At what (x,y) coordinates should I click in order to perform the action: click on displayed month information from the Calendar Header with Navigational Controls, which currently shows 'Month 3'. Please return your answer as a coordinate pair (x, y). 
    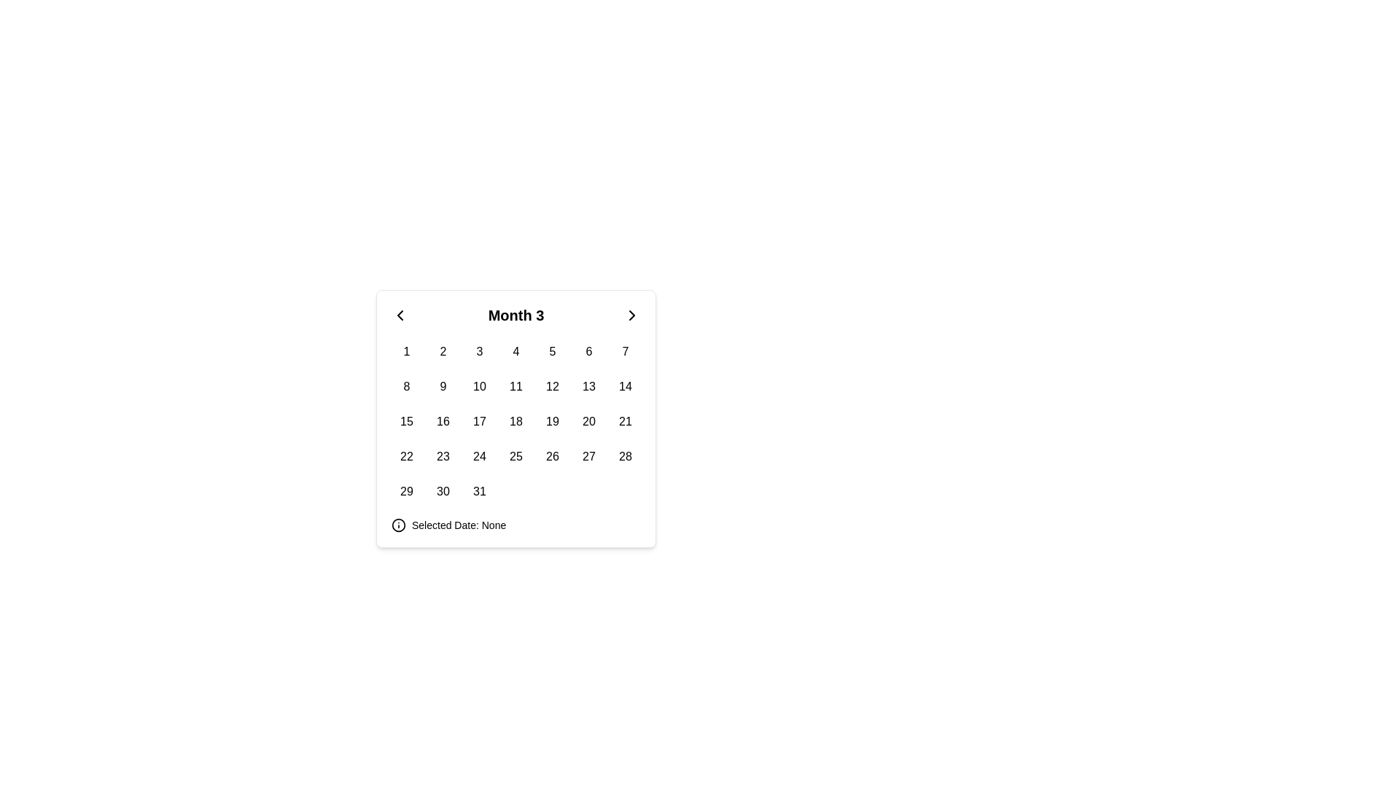
    Looking at the image, I should click on (516, 314).